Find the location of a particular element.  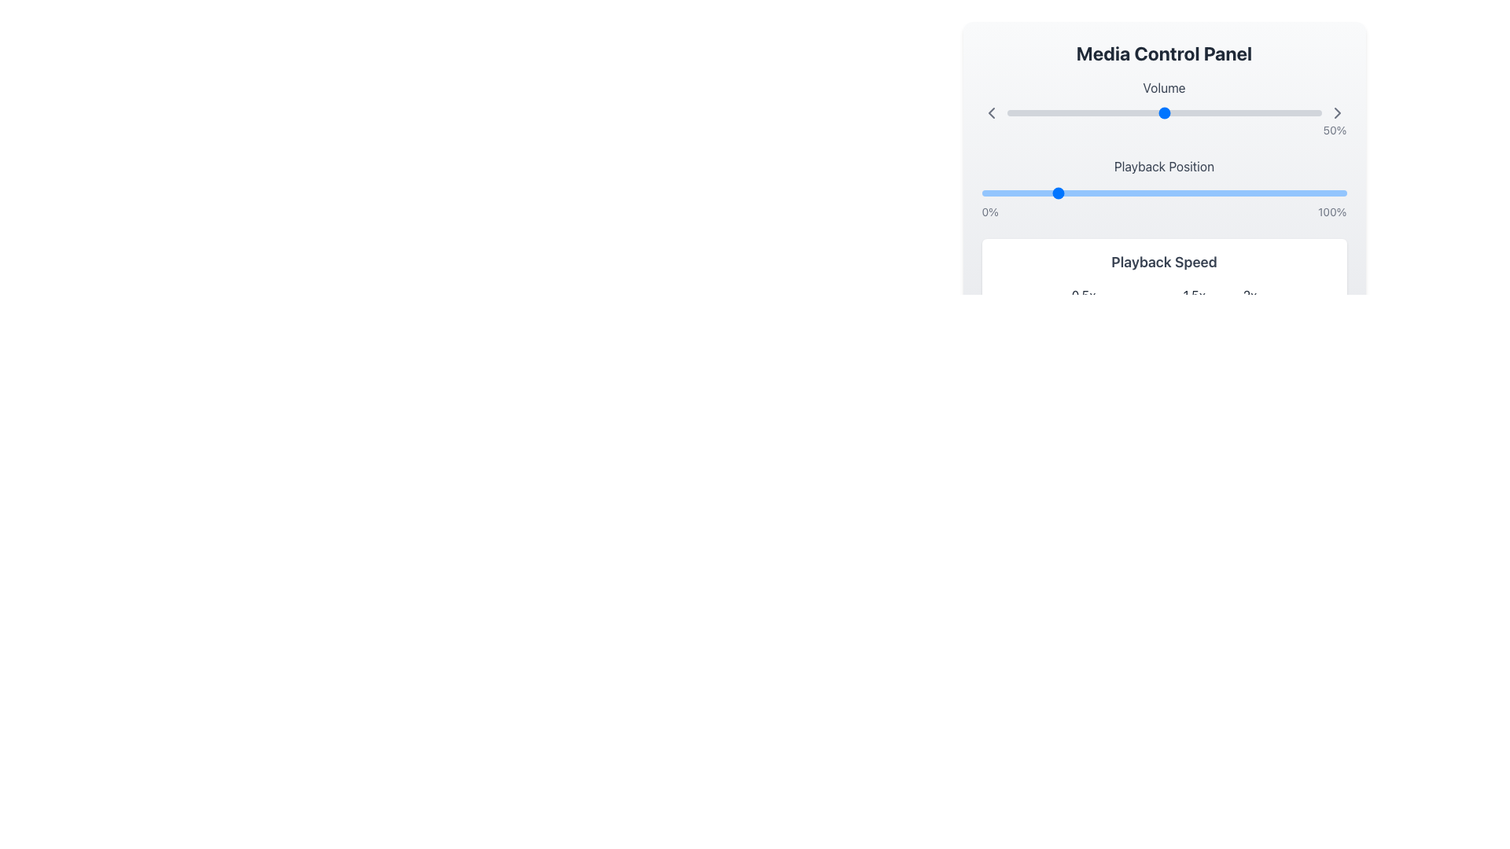

the playback position is located at coordinates (1139, 193).